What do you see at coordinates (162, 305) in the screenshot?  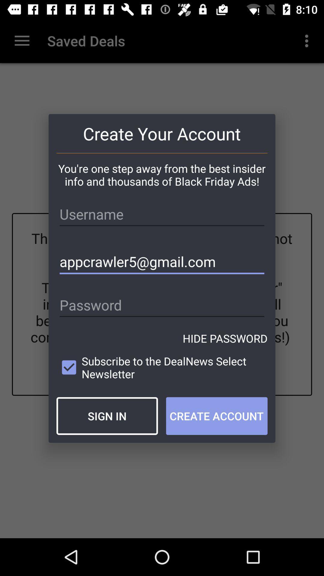 I see `the item above the hide password icon` at bounding box center [162, 305].